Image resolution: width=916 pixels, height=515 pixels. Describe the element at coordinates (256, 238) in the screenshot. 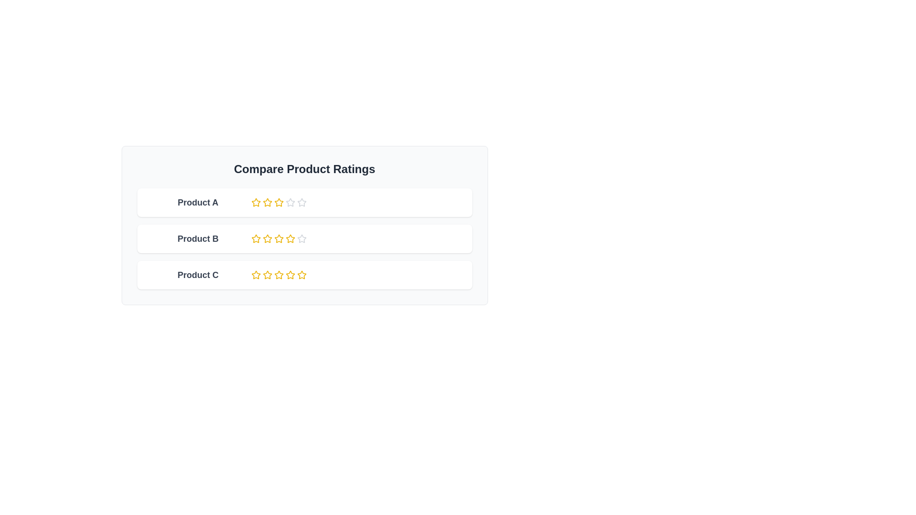

I see `the first star icon in the rating system for 'Product B', located in the second row of the displayed rating system` at that location.